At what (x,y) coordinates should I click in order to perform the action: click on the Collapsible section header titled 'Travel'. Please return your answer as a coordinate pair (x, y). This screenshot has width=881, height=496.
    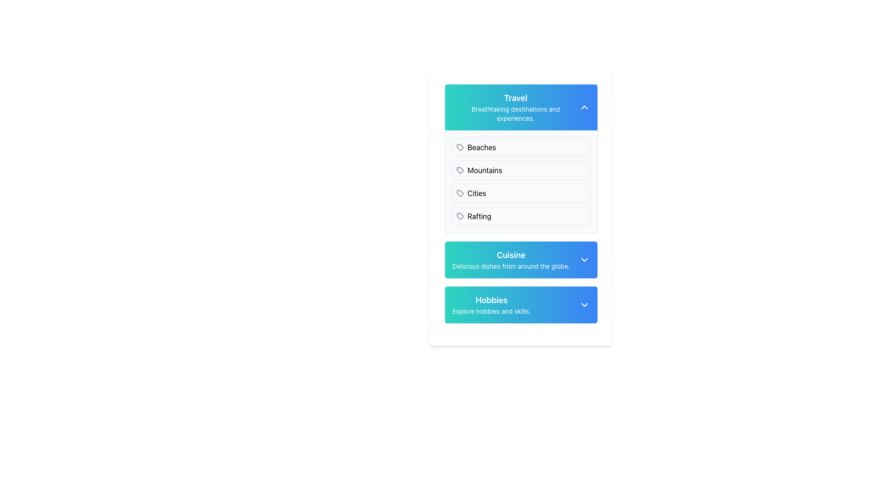
    Looking at the image, I should click on (521, 107).